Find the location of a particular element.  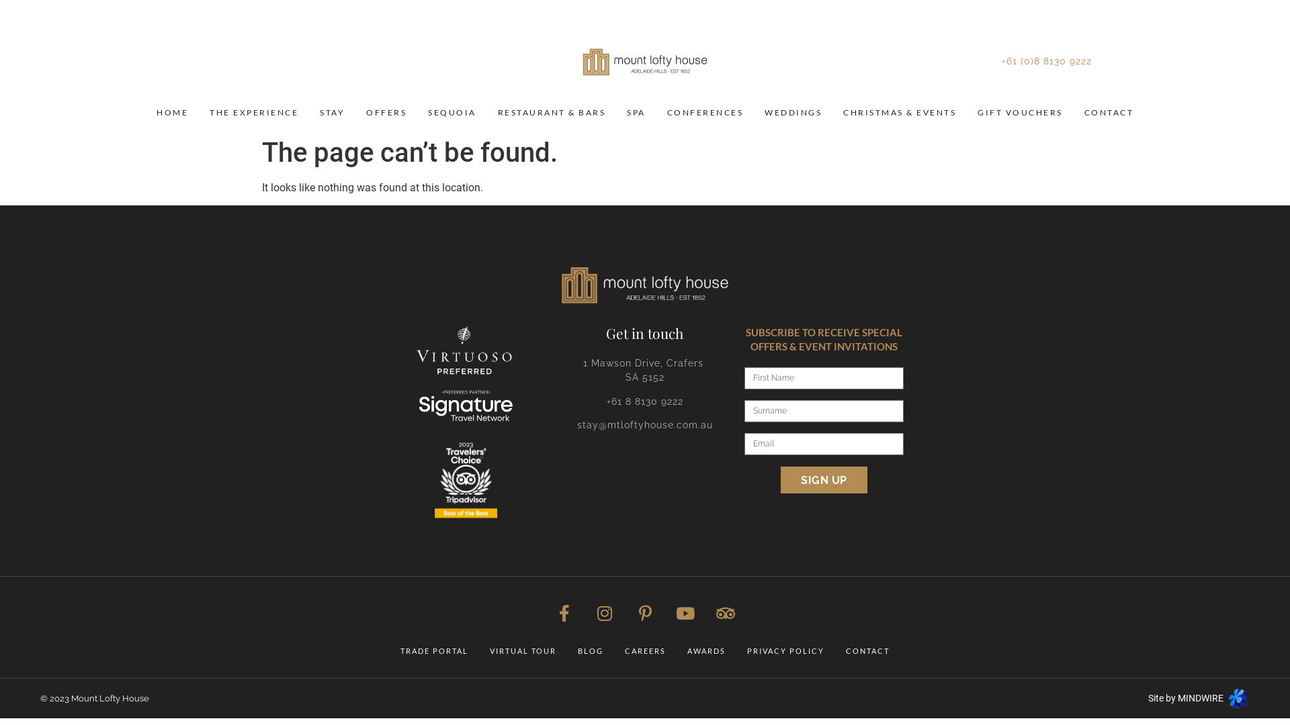

'SEQUOIA' is located at coordinates (427, 111).